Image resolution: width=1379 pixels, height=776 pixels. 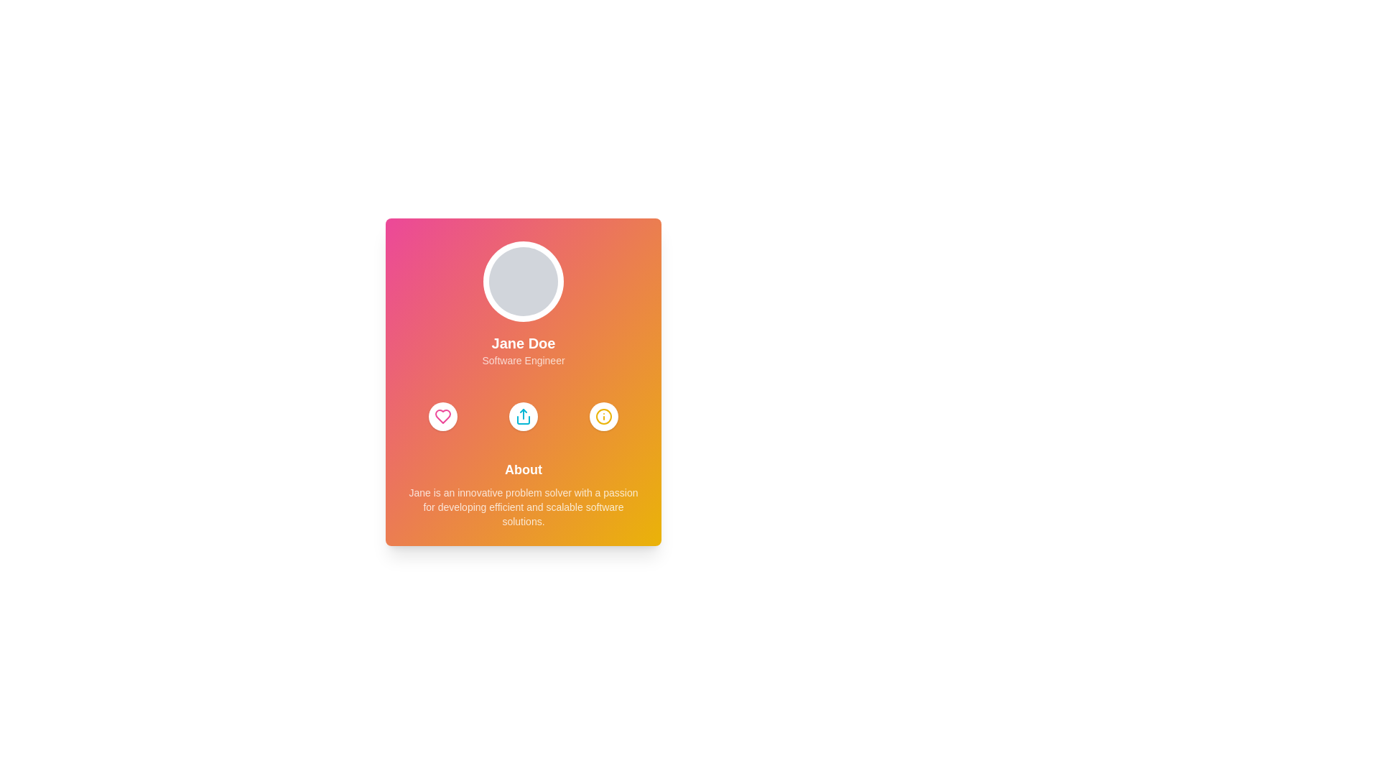 I want to click on the bold 'About' heading text, which is centrally located at the lower section of a colored card layout, positioned above a descriptive paragraph and below three circular icons, so click(x=523, y=470).